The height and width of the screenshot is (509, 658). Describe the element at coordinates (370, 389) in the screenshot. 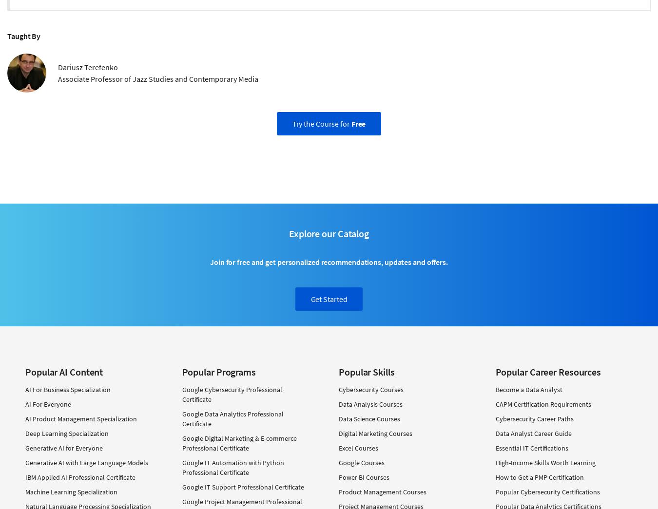

I see `'Cybersecurity Courses'` at that location.